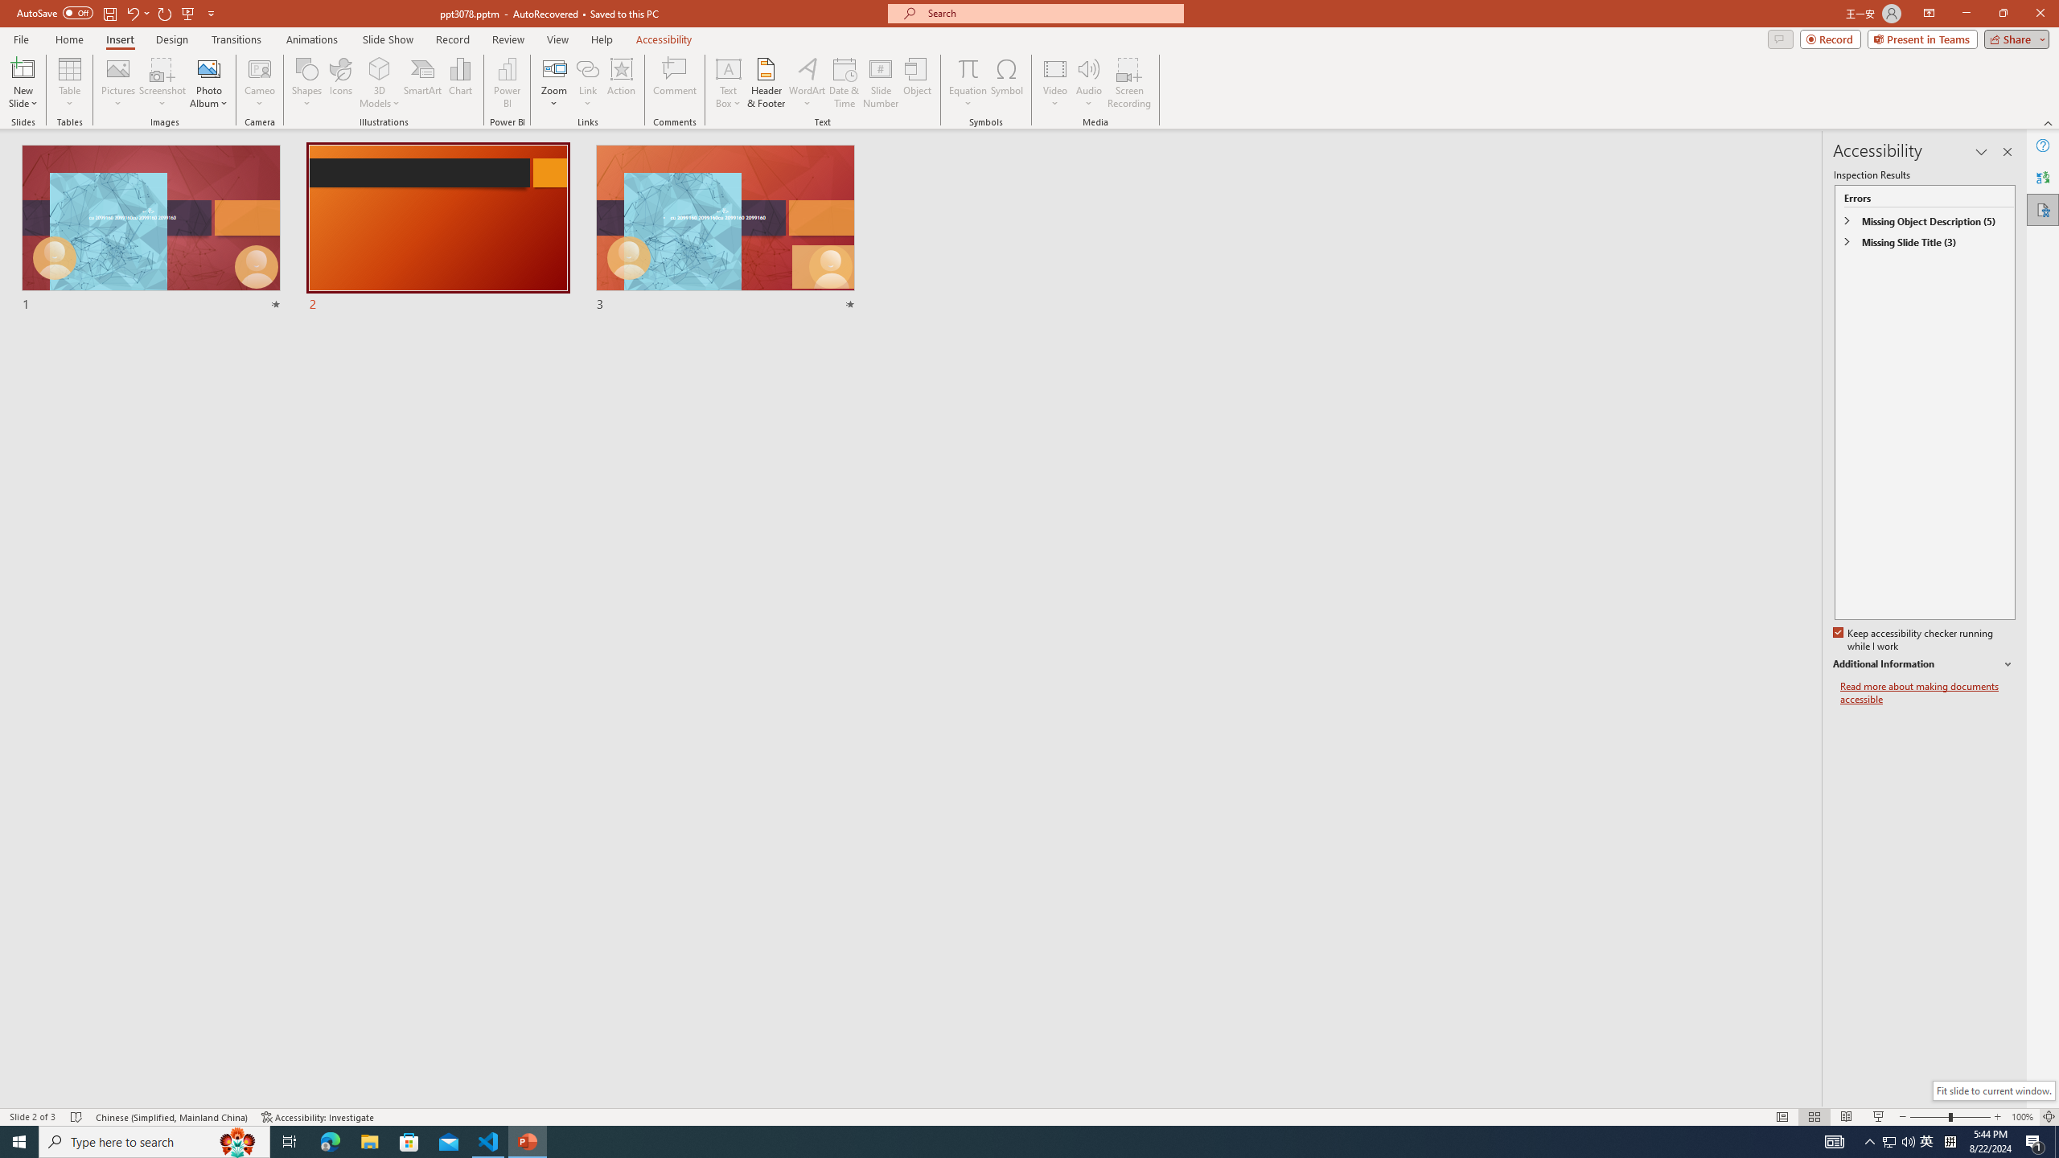 The width and height of the screenshot is (2059, 1158). I want to click on 'Restore Down', so click(2003, 13).